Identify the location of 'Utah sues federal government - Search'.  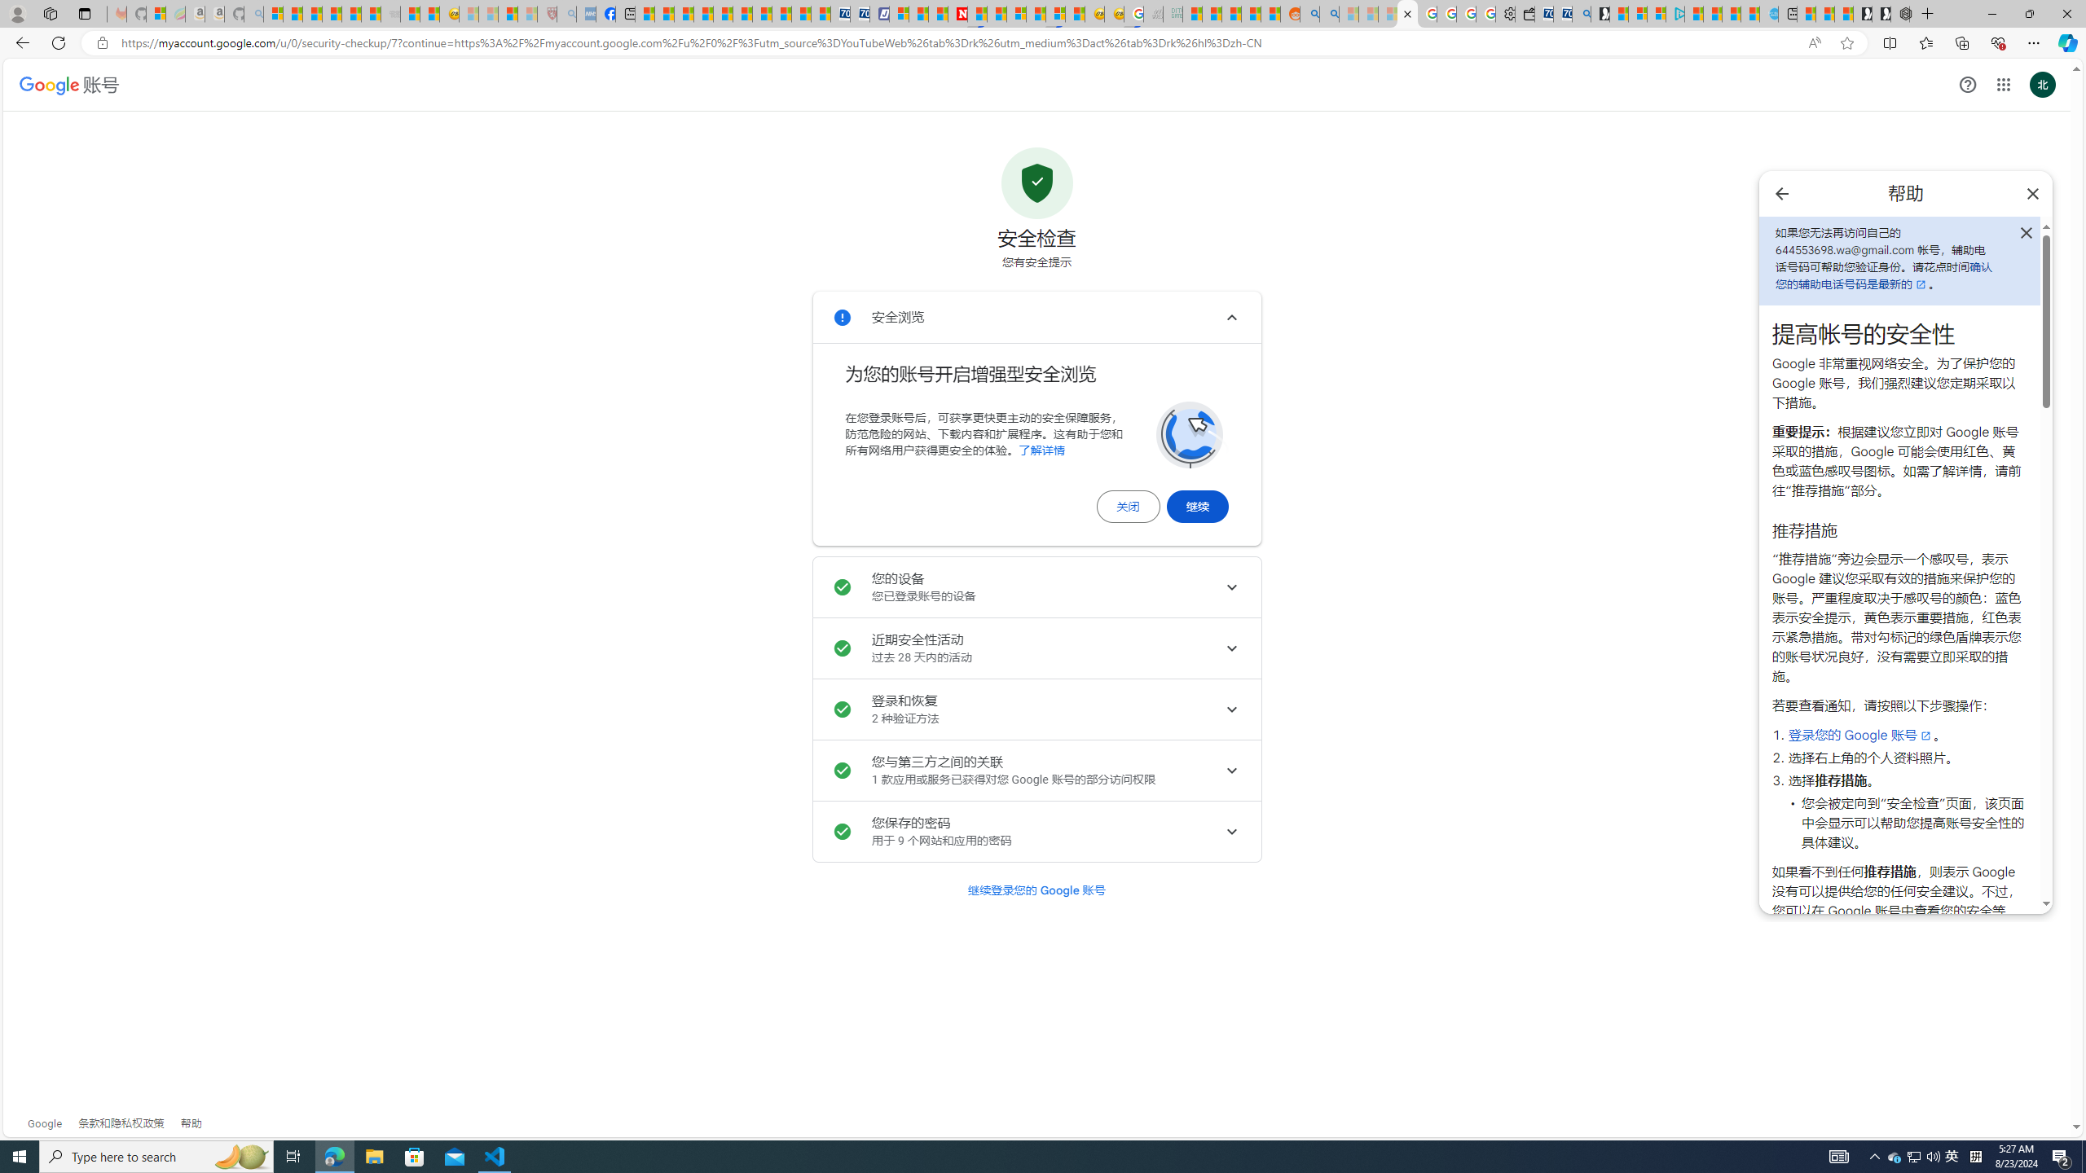
(1328, 13).